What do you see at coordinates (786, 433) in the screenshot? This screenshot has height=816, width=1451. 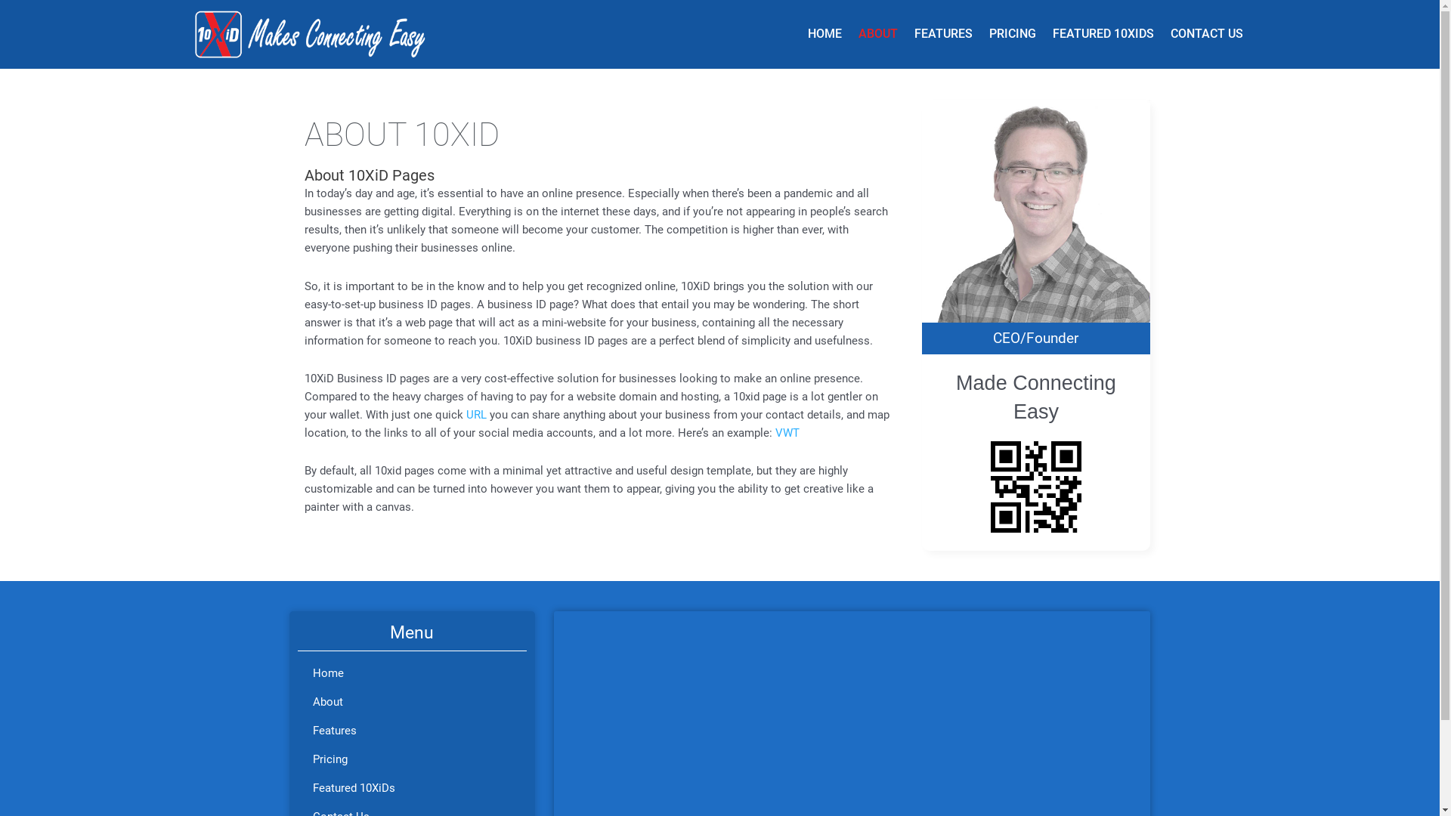 I see `'VWT'` at bounding box center [786, 433].